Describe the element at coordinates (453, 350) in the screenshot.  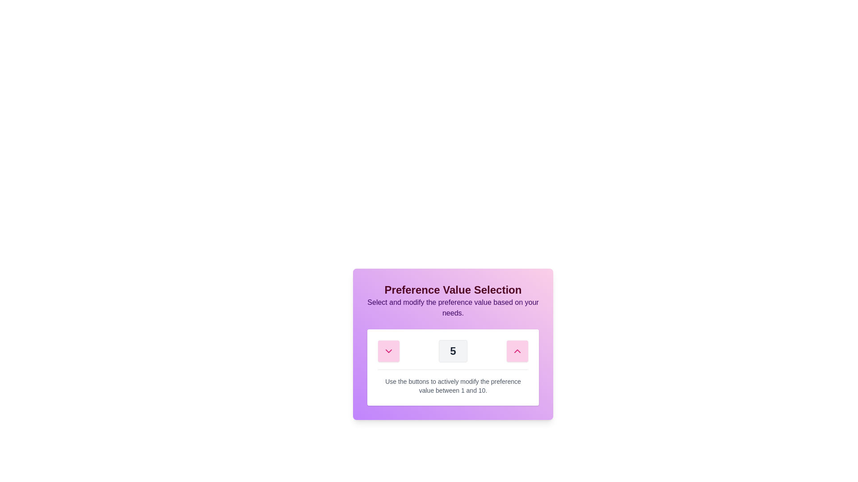
I see `the readonly text input element located between two pink buttons at the bottom of the card-like section` at that location.